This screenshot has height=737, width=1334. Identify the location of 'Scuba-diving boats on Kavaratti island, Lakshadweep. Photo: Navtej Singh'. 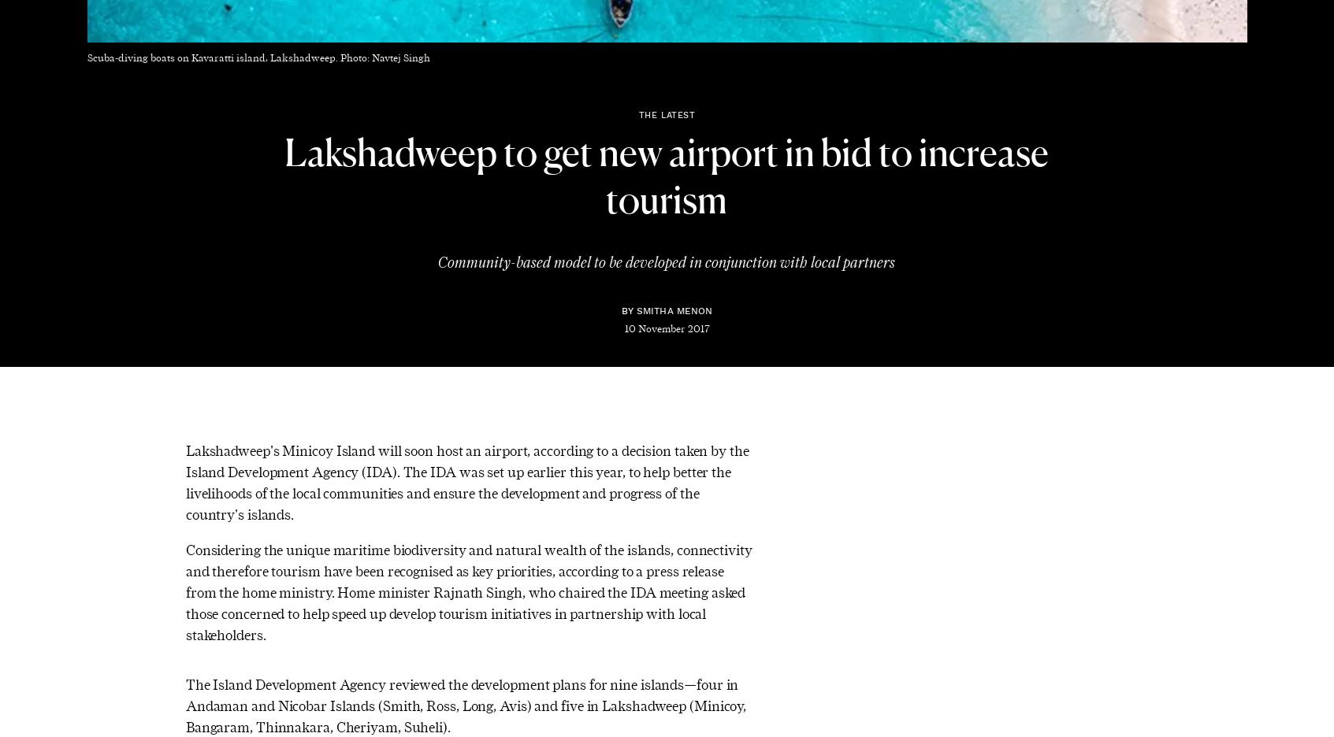
(258, 57).